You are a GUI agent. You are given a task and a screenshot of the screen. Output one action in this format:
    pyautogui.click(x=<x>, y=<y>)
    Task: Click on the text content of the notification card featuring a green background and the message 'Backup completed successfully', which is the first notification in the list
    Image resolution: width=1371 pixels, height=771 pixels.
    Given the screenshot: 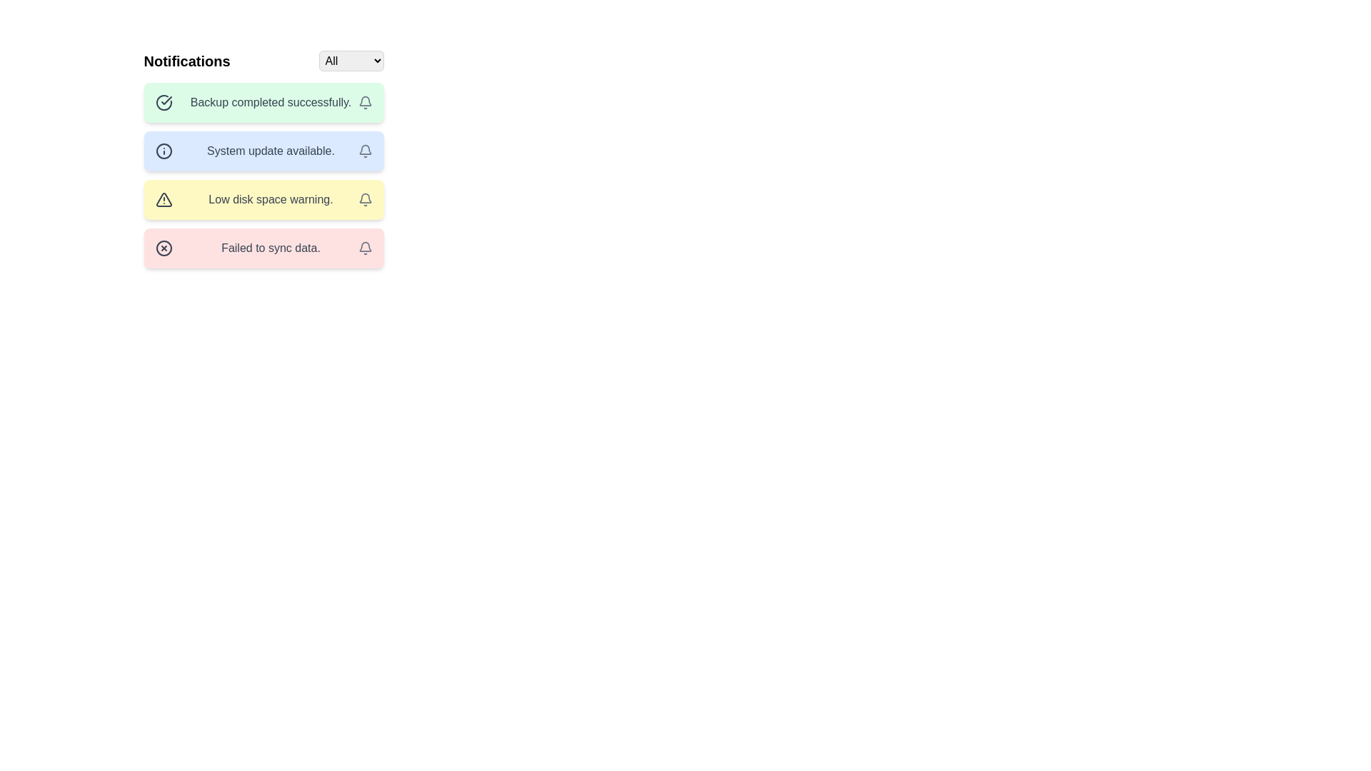 What is the action you would take?
    pyautogui.click(x=263, y=101)
    